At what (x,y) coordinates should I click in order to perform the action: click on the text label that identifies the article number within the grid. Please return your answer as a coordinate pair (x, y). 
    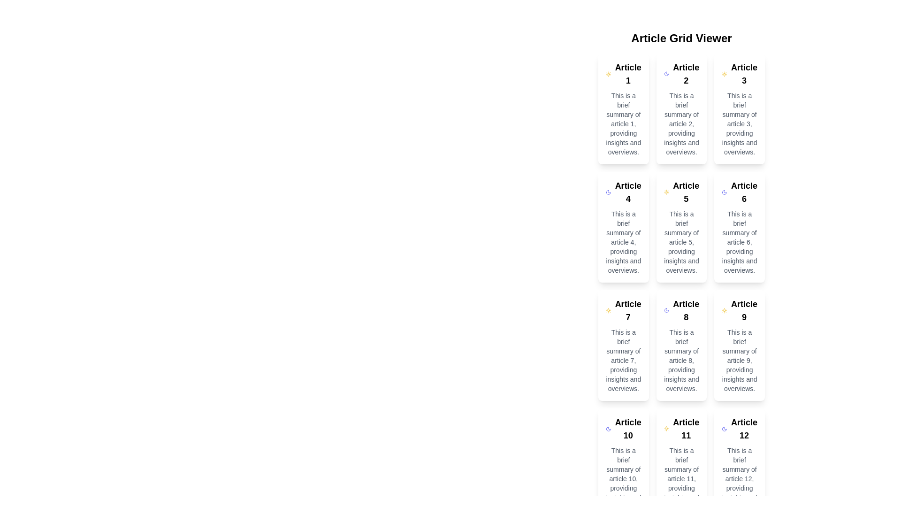
    Looking at the image, I should click on (743, 192).